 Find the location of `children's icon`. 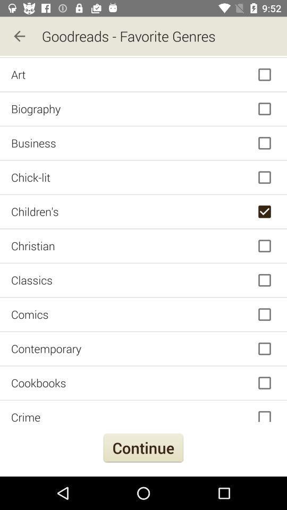

children's icon is located at coordinates (143, 211).